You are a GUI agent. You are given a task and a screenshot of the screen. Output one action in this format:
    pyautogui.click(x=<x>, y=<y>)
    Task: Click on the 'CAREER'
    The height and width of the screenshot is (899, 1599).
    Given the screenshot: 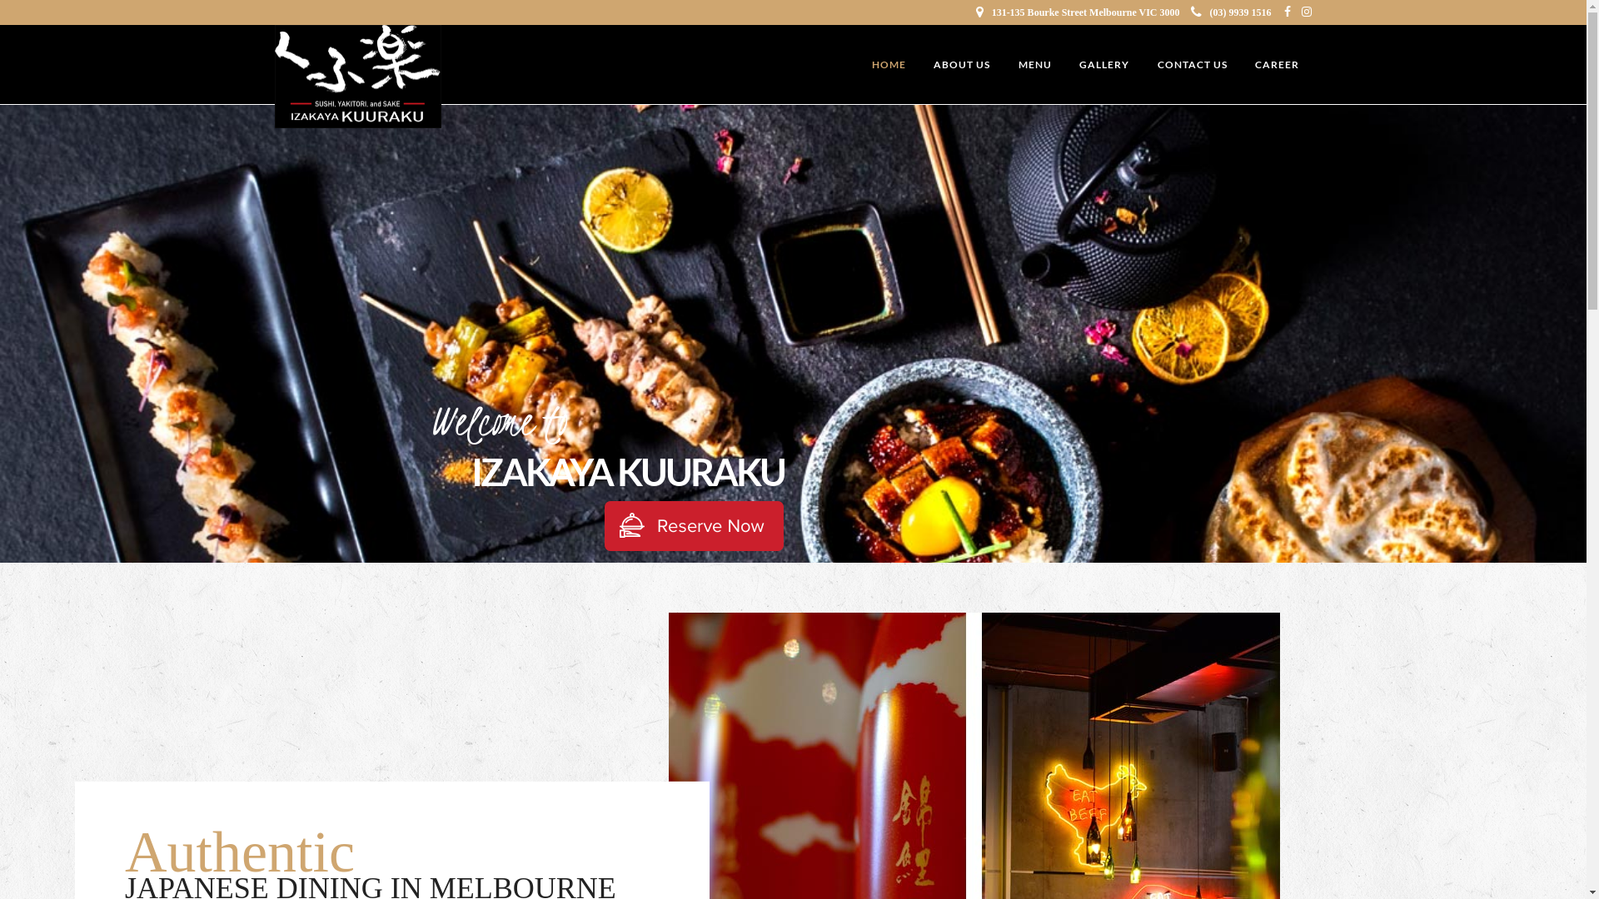 What is the action you would take?
    pyautogui.click(x=1276, y=64)
    